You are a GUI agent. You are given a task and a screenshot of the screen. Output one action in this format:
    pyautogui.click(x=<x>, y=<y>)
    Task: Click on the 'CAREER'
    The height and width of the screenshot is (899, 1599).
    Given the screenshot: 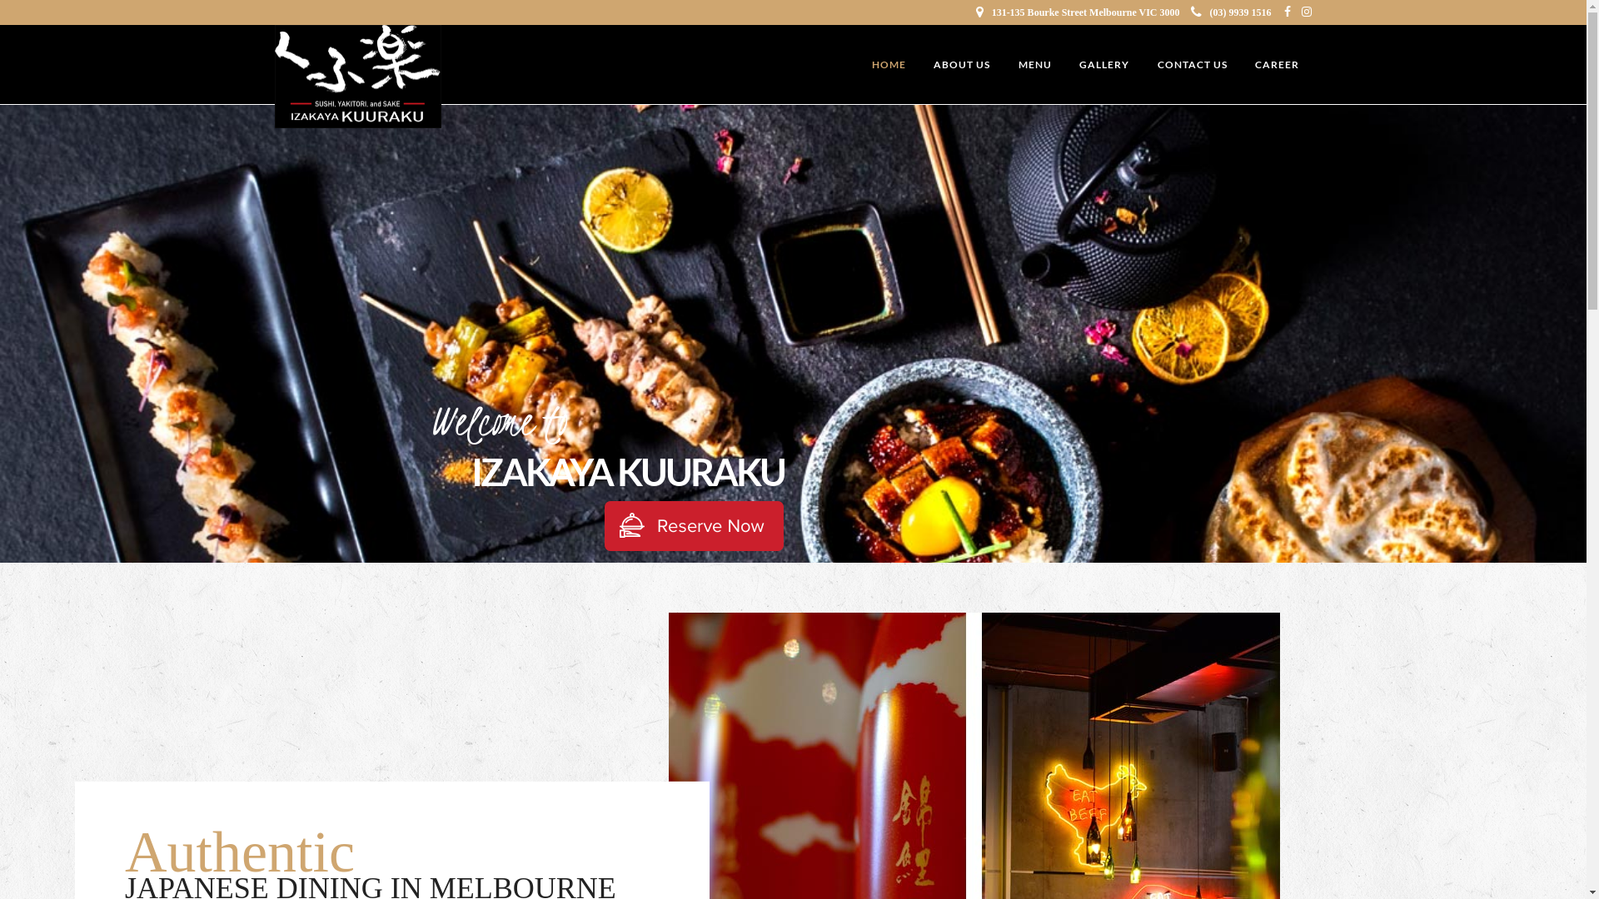 What is the action you would take?
    pyautogui.click(x=1276, y=64)
    